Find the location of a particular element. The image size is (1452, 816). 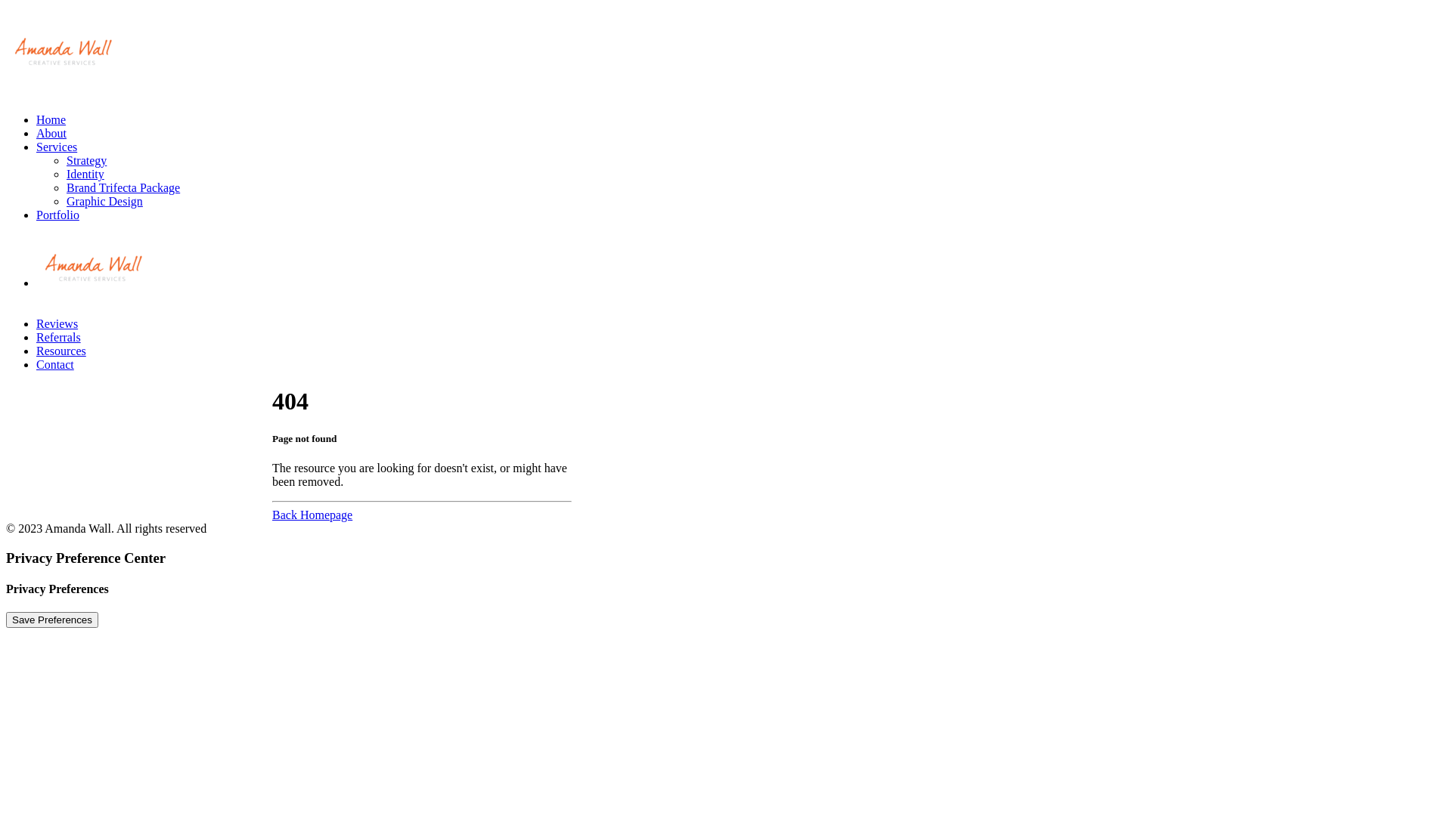

'Services' is located at coordinates (57, 147).